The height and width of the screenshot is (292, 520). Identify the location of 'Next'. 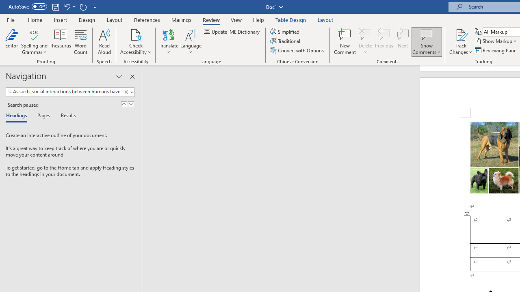
(403, 42).